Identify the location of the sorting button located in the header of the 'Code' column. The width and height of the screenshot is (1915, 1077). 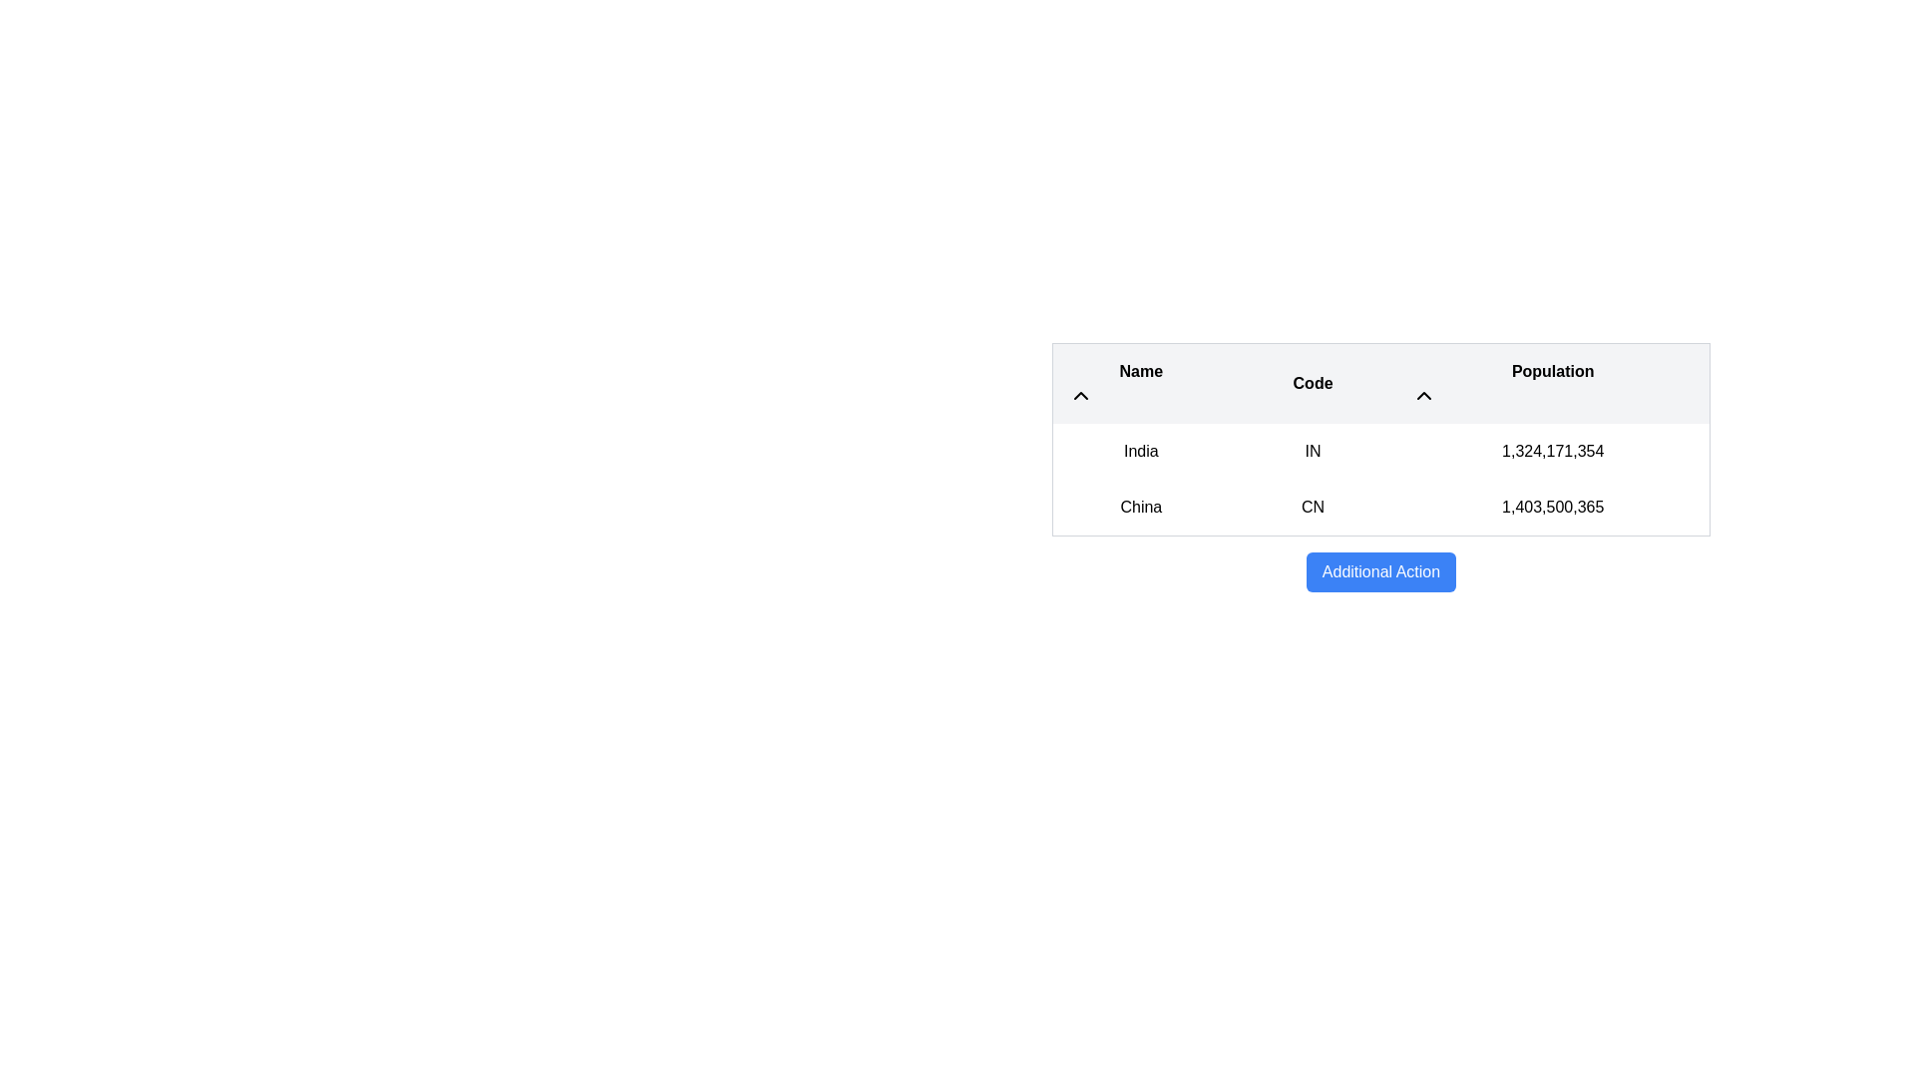
(1423, 396).